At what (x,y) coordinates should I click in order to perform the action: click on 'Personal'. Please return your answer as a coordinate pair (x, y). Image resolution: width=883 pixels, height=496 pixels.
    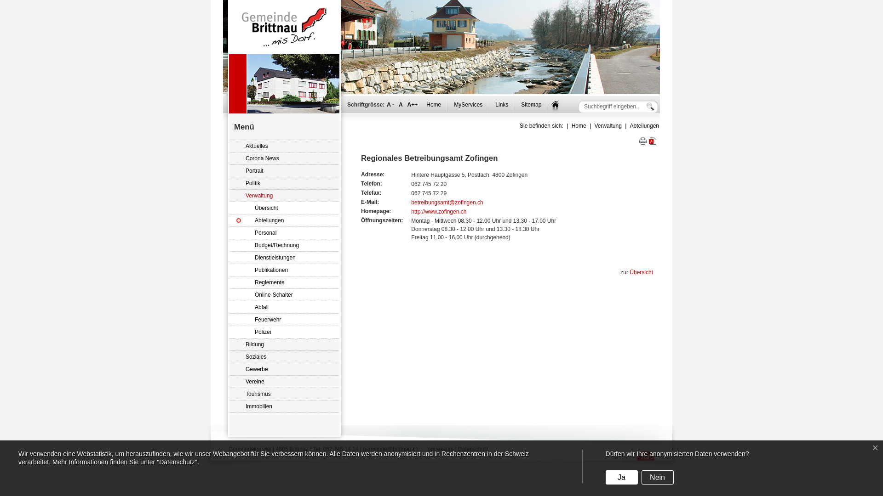
    Looking at the image, I should click on (284, 232).